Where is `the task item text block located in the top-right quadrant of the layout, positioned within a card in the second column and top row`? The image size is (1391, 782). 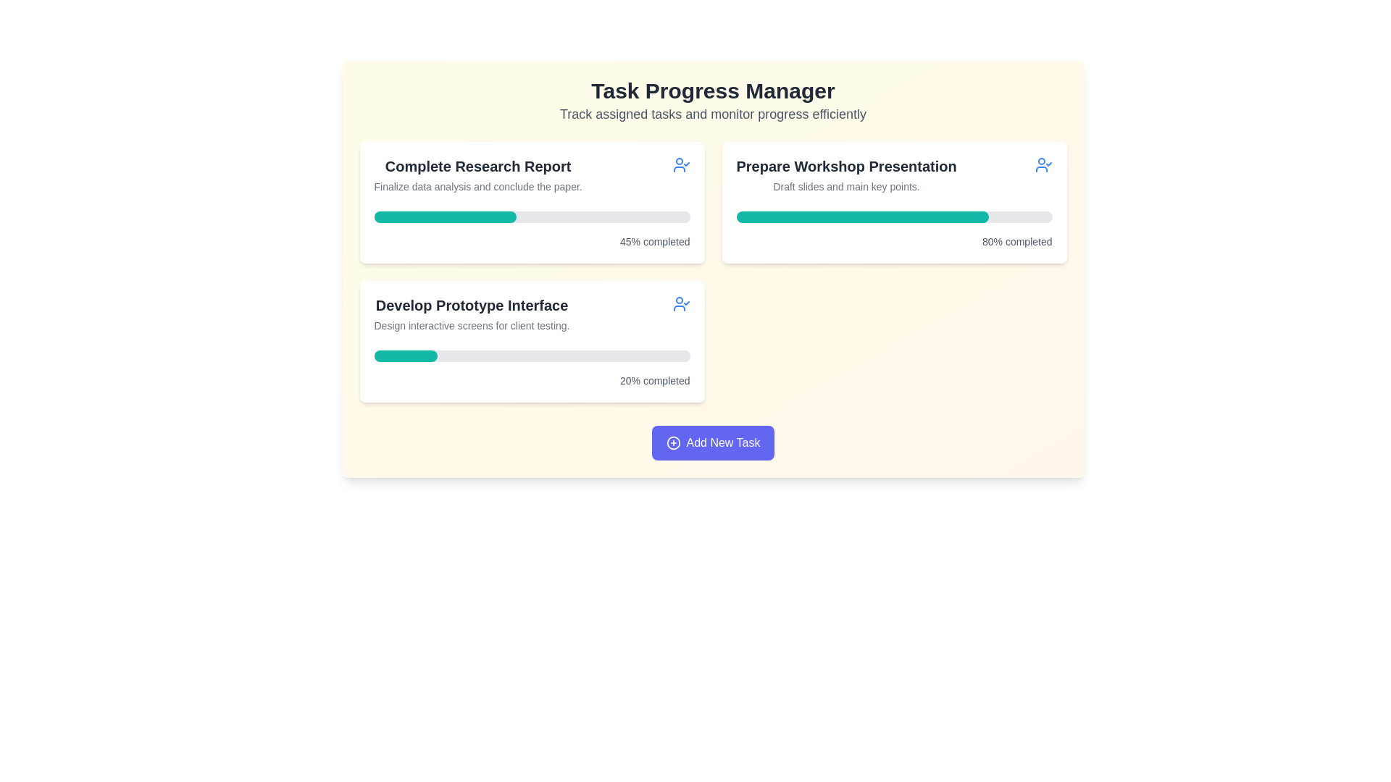 the task item text block located in the top-right quadrant of the layout, positioned within a card in the second column and top row is located at coordinates (846, 175).